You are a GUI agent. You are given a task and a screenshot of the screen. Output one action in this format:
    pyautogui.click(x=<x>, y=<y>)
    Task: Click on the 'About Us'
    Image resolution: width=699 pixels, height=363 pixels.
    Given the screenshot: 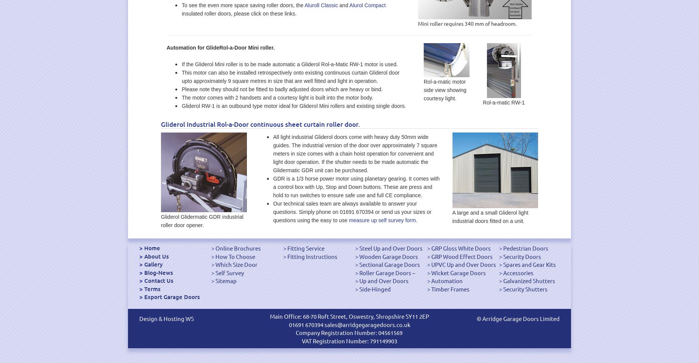 What is the action you would take?
    pyautogui.click(x=156, y=256)
    